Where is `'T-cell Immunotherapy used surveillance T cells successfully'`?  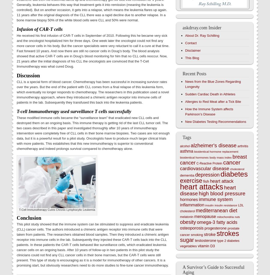 'T-cell Immunotherapy used surveillance T cells successfully' is located at coordinates (74, 111).